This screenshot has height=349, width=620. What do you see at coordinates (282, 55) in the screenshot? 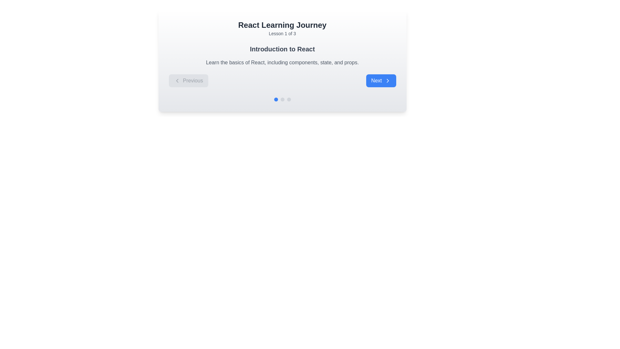
I see `the Informational block titled 'Introduction to React', which includes the description 'Learn the basics of React, including components, state, and props'` at bounding box center [282, 55].